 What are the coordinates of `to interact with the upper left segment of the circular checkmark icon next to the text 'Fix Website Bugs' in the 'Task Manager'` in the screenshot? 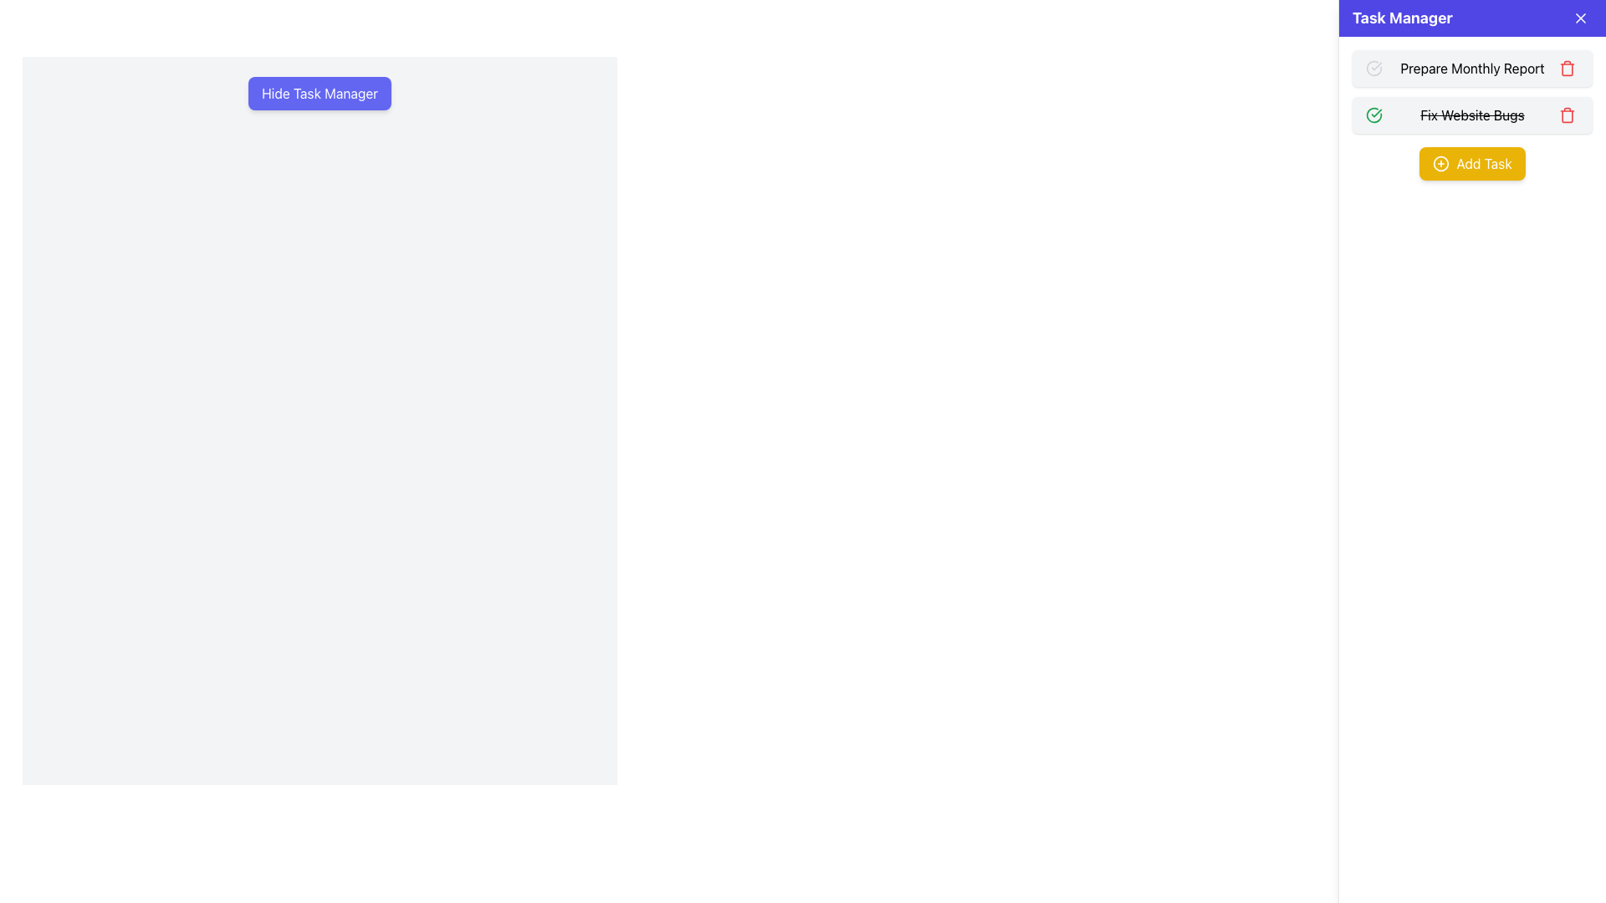 It's located at (1373, 115).